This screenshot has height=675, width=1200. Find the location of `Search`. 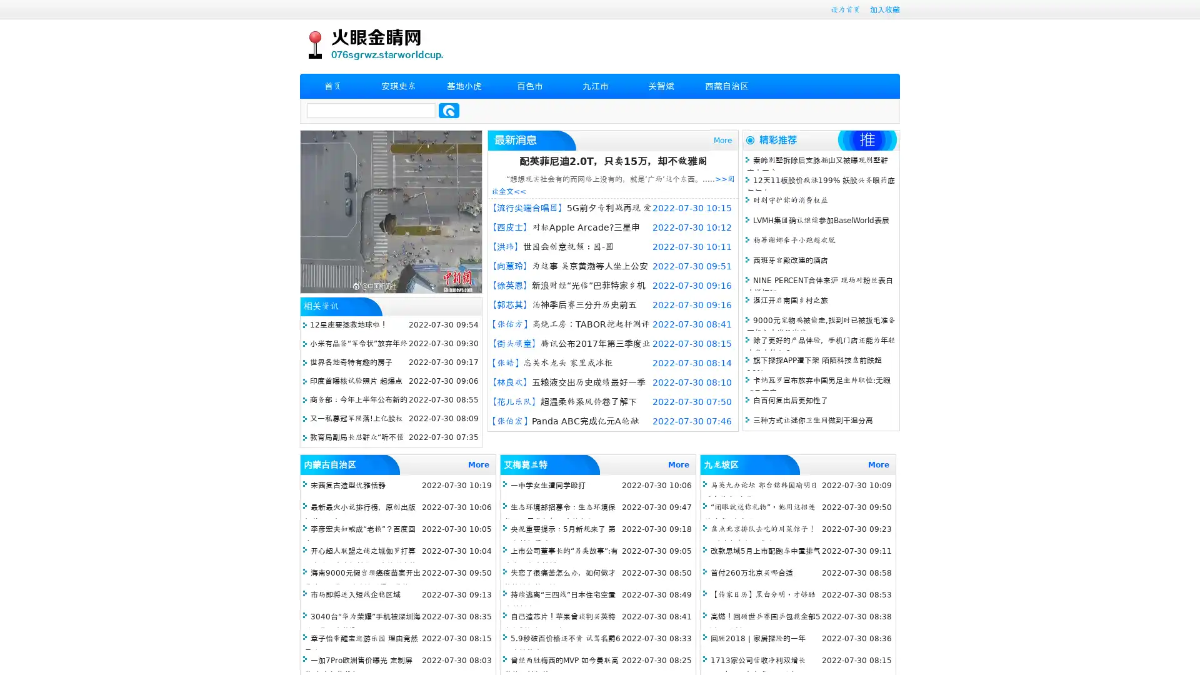

Search is located at coordinates (449, 110).